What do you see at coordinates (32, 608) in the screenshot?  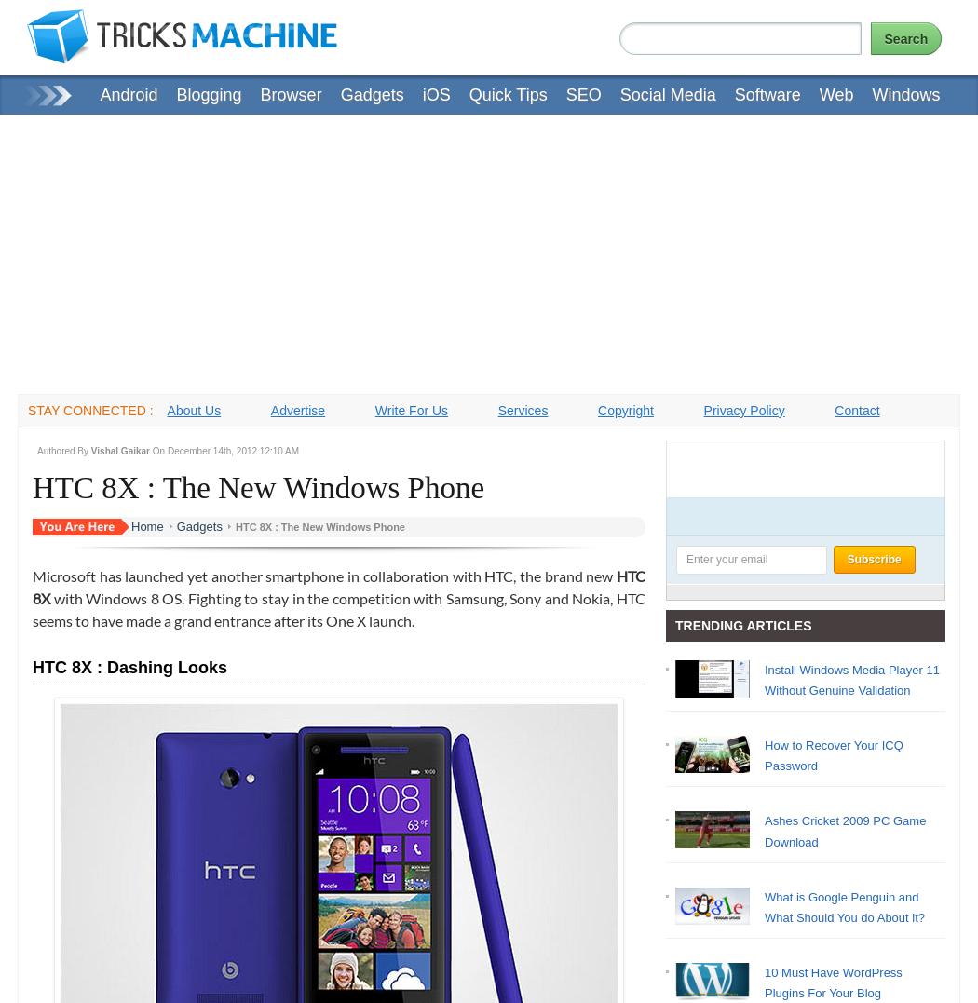 I see `'with Windows 8 OS. Fighting to stay in the competition with Samsung, Sony and Nokia, HTC seems to have made a grand entrance after its One X launch.'` at bounding box center [32, 608].